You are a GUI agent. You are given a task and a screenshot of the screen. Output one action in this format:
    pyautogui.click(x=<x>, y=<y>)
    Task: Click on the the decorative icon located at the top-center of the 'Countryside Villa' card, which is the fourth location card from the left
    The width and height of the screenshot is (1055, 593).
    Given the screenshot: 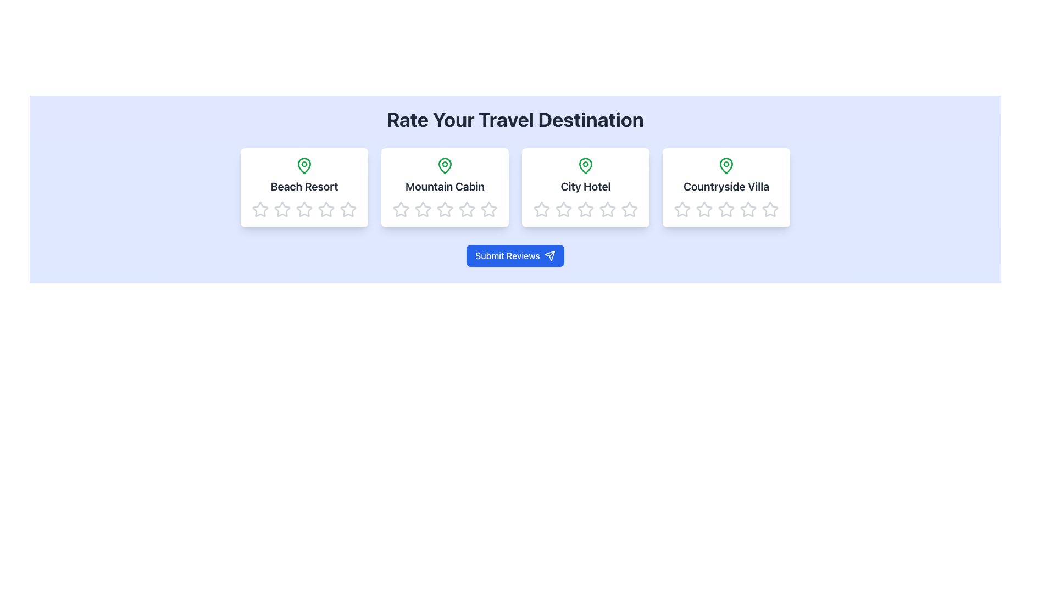 What is the action you would take?
    pyautogui.click(x=726, y=165)
    